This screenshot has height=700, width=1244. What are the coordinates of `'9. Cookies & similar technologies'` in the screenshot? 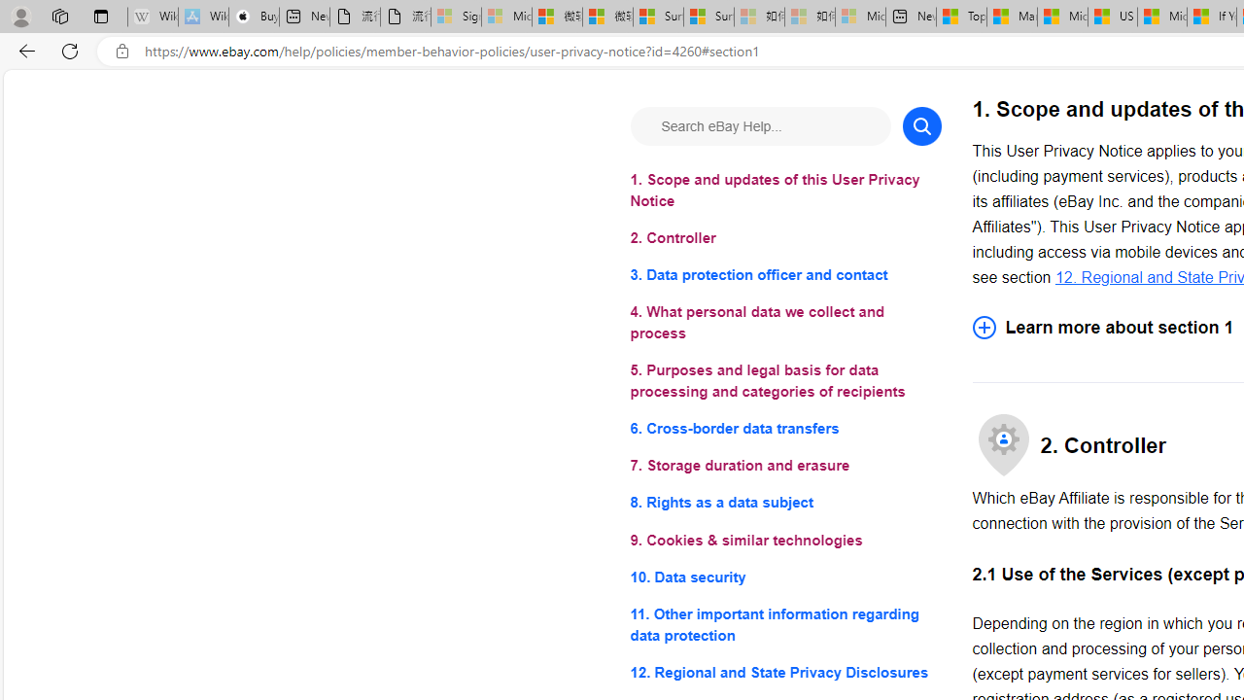 It's located at (785, 540).